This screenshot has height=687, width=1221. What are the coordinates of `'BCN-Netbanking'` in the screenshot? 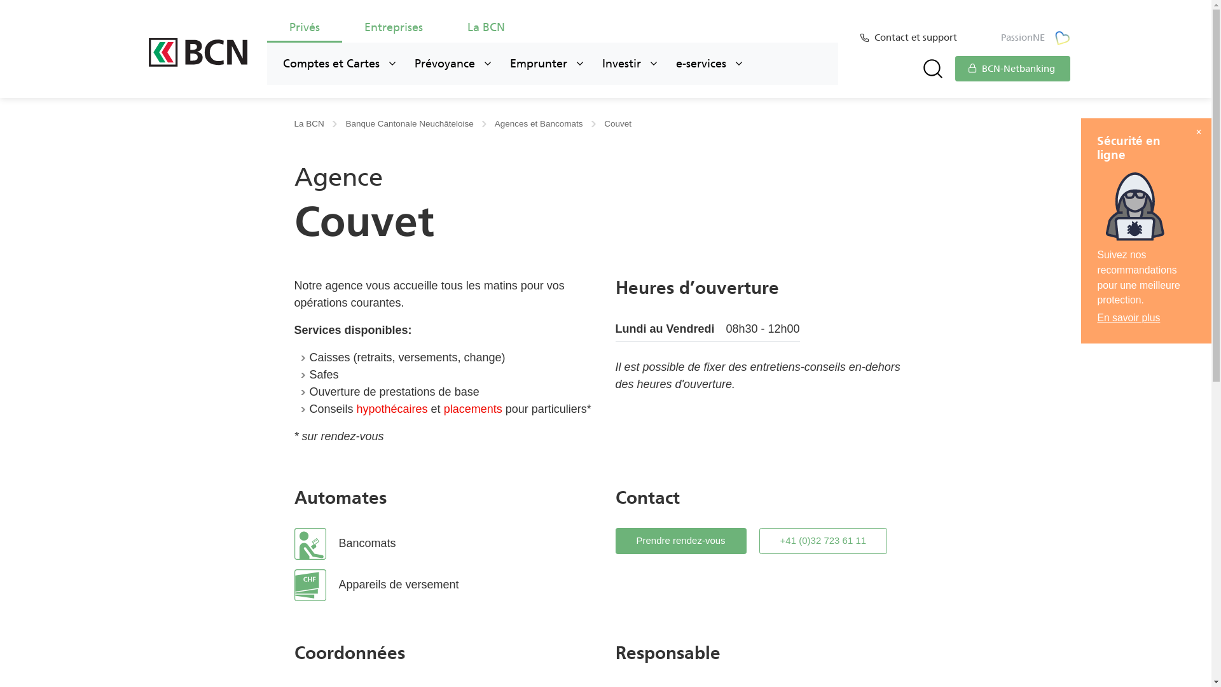 It's located at (955, 69).